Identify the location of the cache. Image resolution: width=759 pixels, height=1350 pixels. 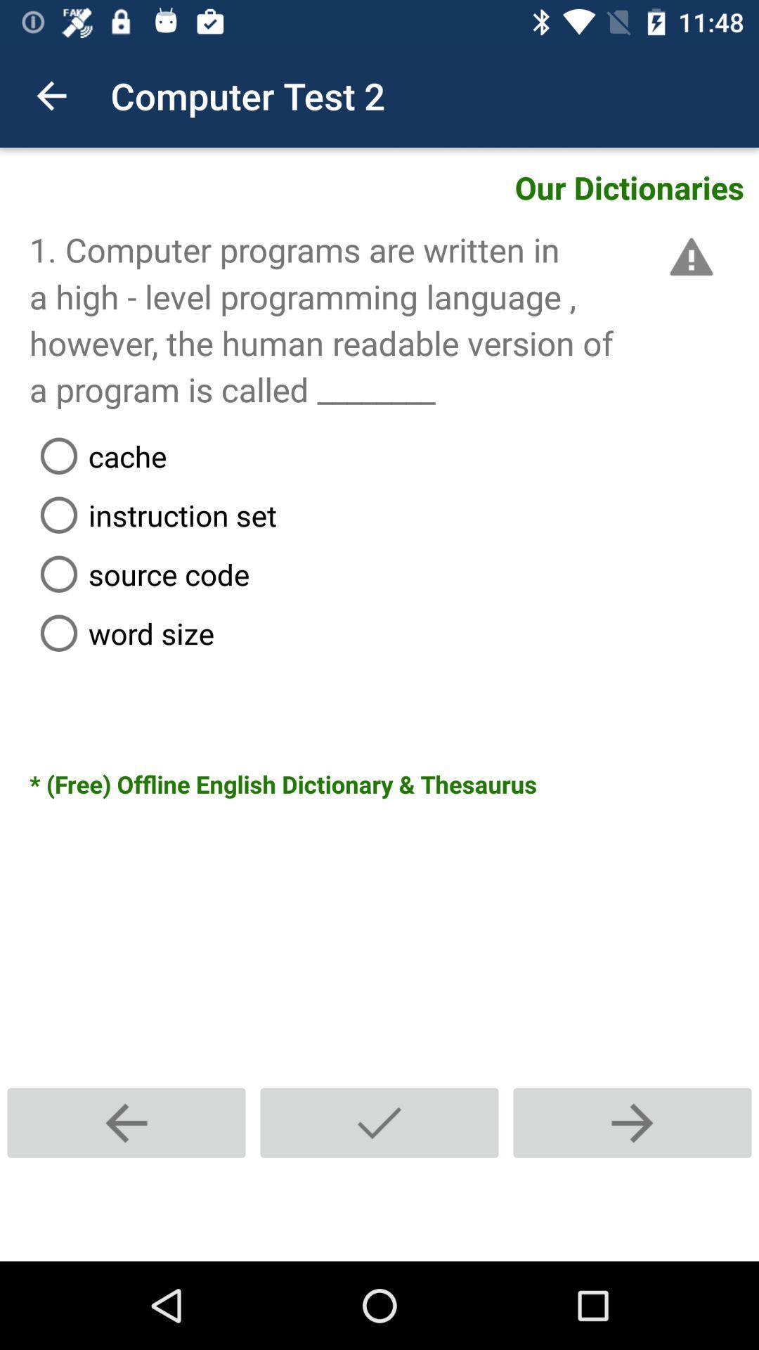
(394, 456).